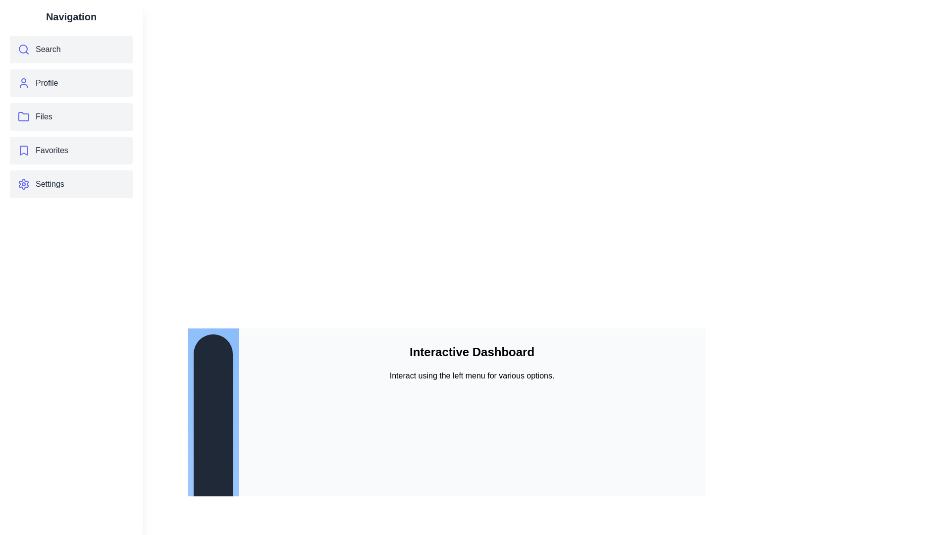 The width and height of the screenshot is (951, 535). What do you see at coordinates (24, 184) in the screenshot?
I see `the icon corresponding to Settings in the sidebar` at bounding box center [24, 184].